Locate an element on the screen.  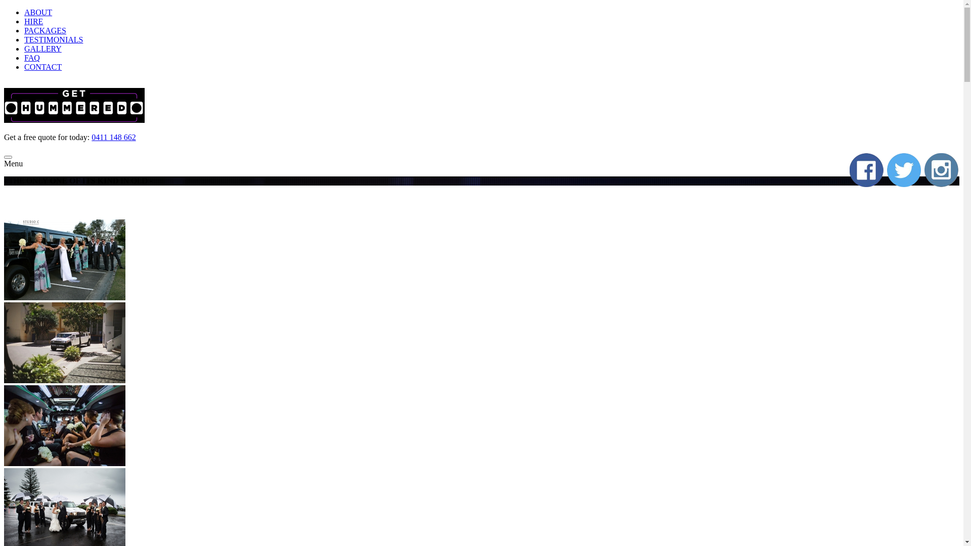
'TESTIMONIALS' is located at coordinates (24, 39).